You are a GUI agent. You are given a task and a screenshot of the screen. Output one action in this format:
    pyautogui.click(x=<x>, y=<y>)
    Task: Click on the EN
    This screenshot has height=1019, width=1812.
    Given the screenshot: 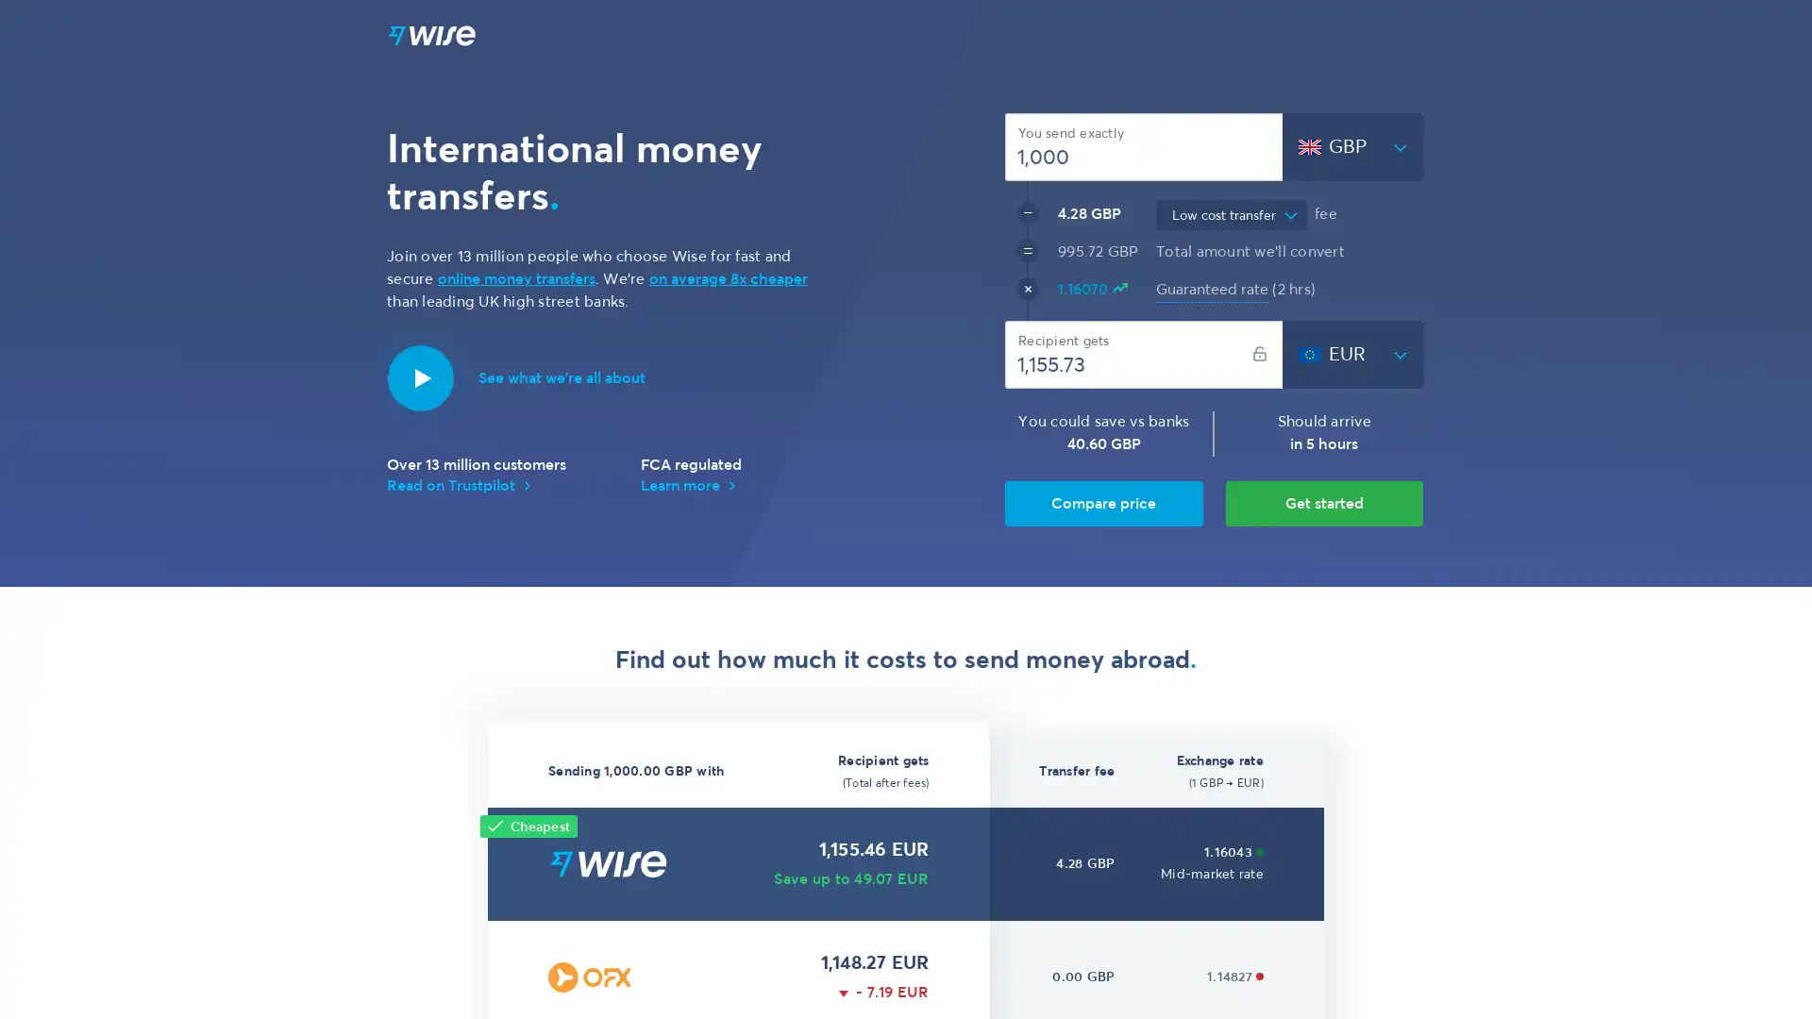 What is the action you would take?
    pyautogui.click(x=1235, y=37)
    